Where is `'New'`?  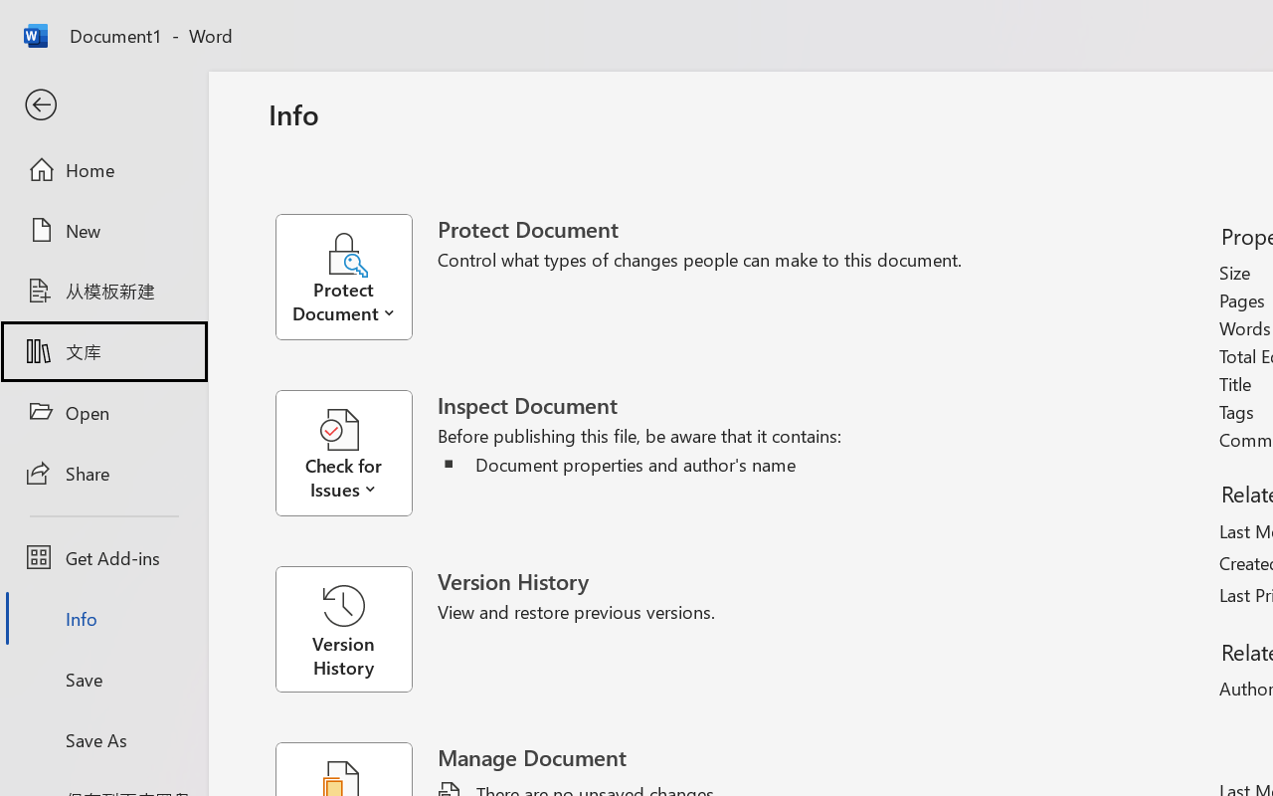
'New' is located at coordinates (102, 230).